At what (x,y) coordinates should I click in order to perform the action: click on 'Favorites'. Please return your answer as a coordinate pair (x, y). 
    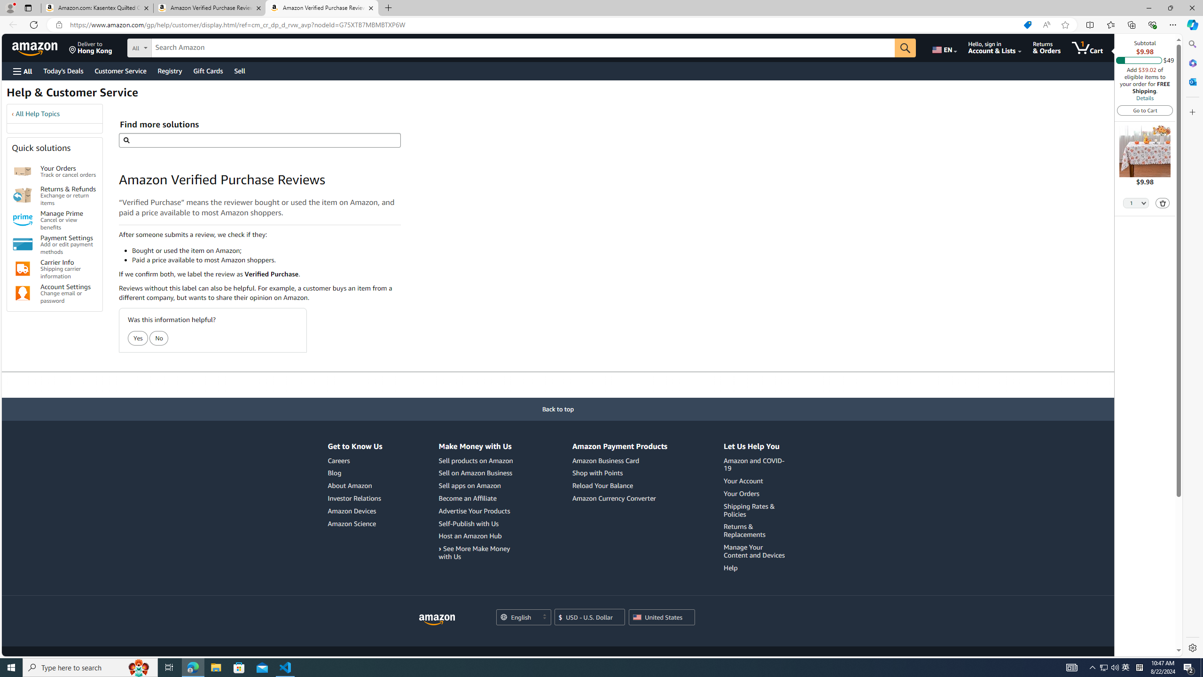
    Looking at the image, I should click on (1111, 24).